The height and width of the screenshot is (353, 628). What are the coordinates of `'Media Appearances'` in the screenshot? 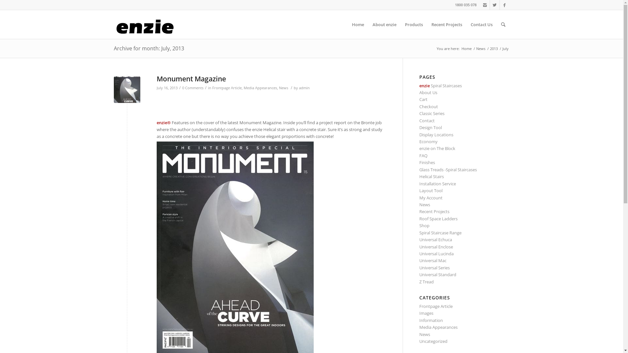 It's located at (260, 88).